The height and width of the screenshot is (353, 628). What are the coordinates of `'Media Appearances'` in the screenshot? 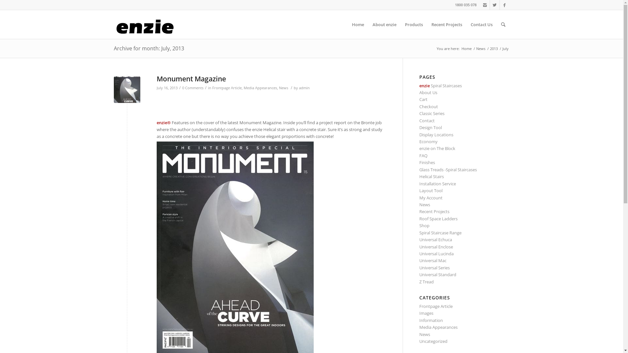 It's located at (260, 88).